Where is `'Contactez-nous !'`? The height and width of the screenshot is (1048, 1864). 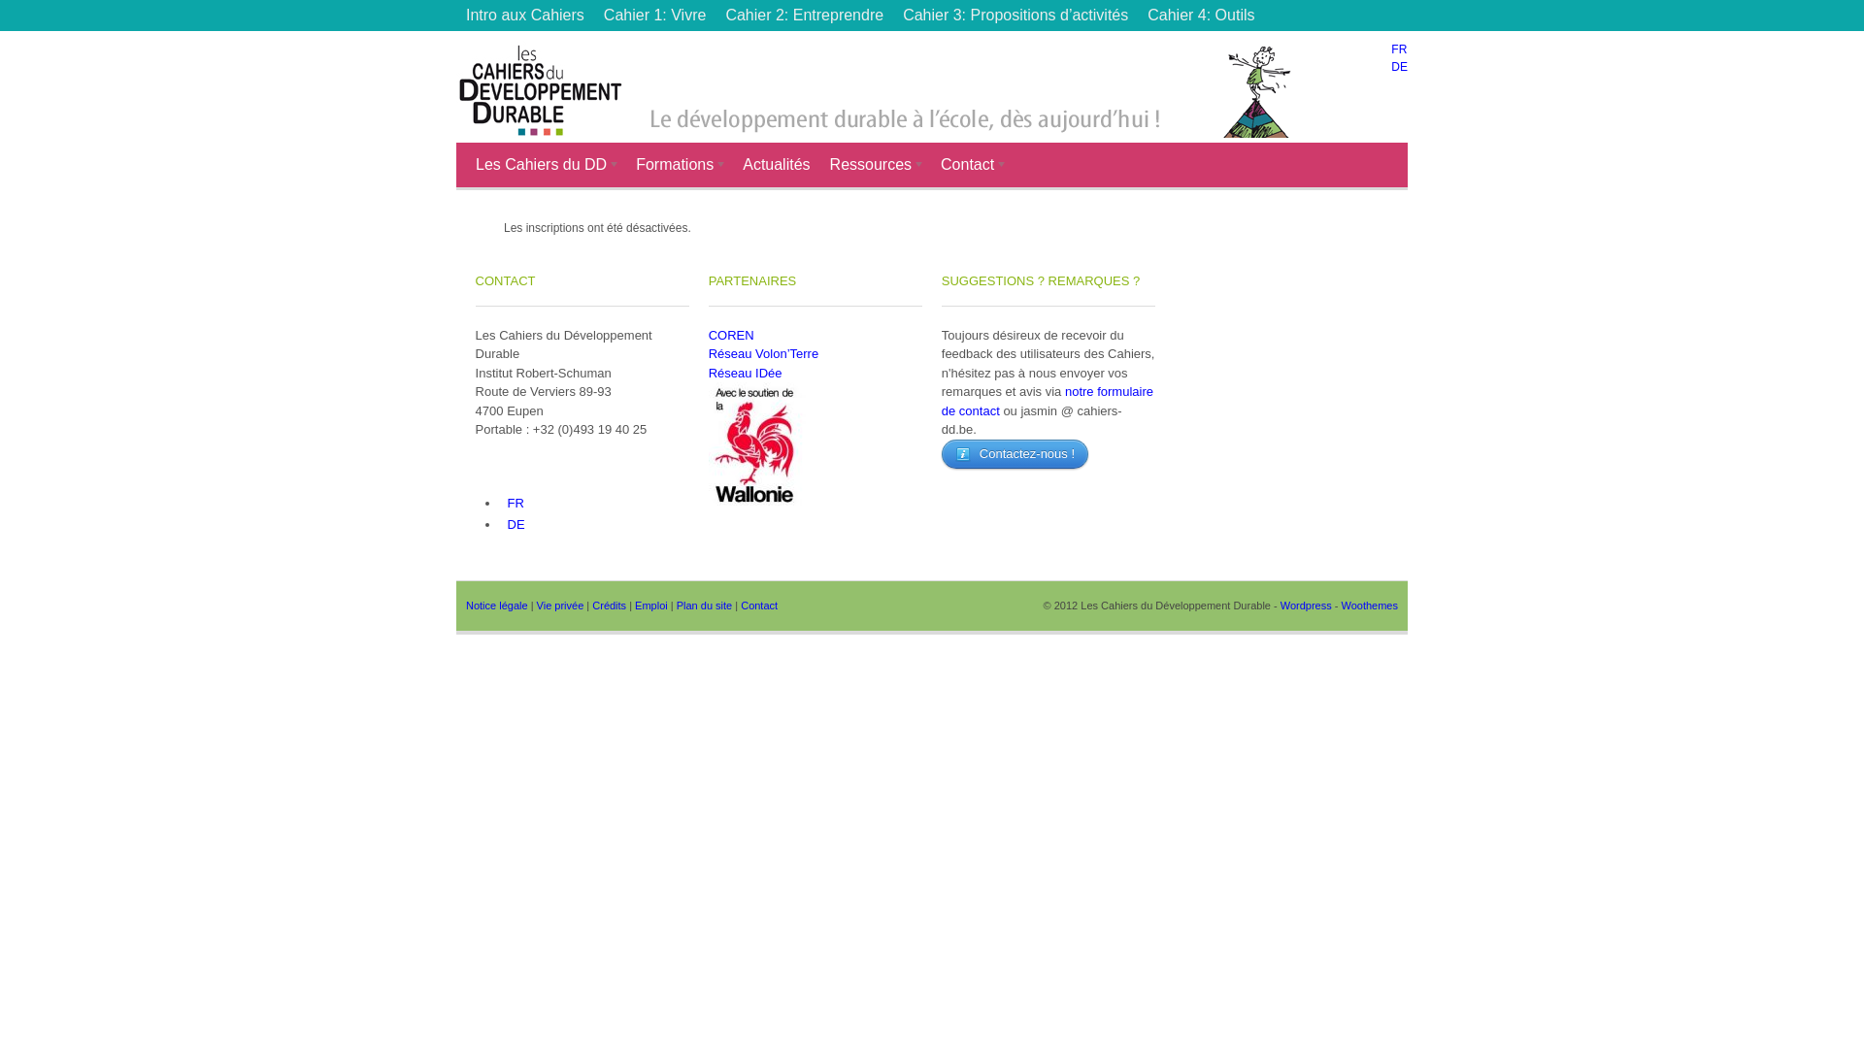 'Contactez-nous !' is located at coordinates (1014, 452).